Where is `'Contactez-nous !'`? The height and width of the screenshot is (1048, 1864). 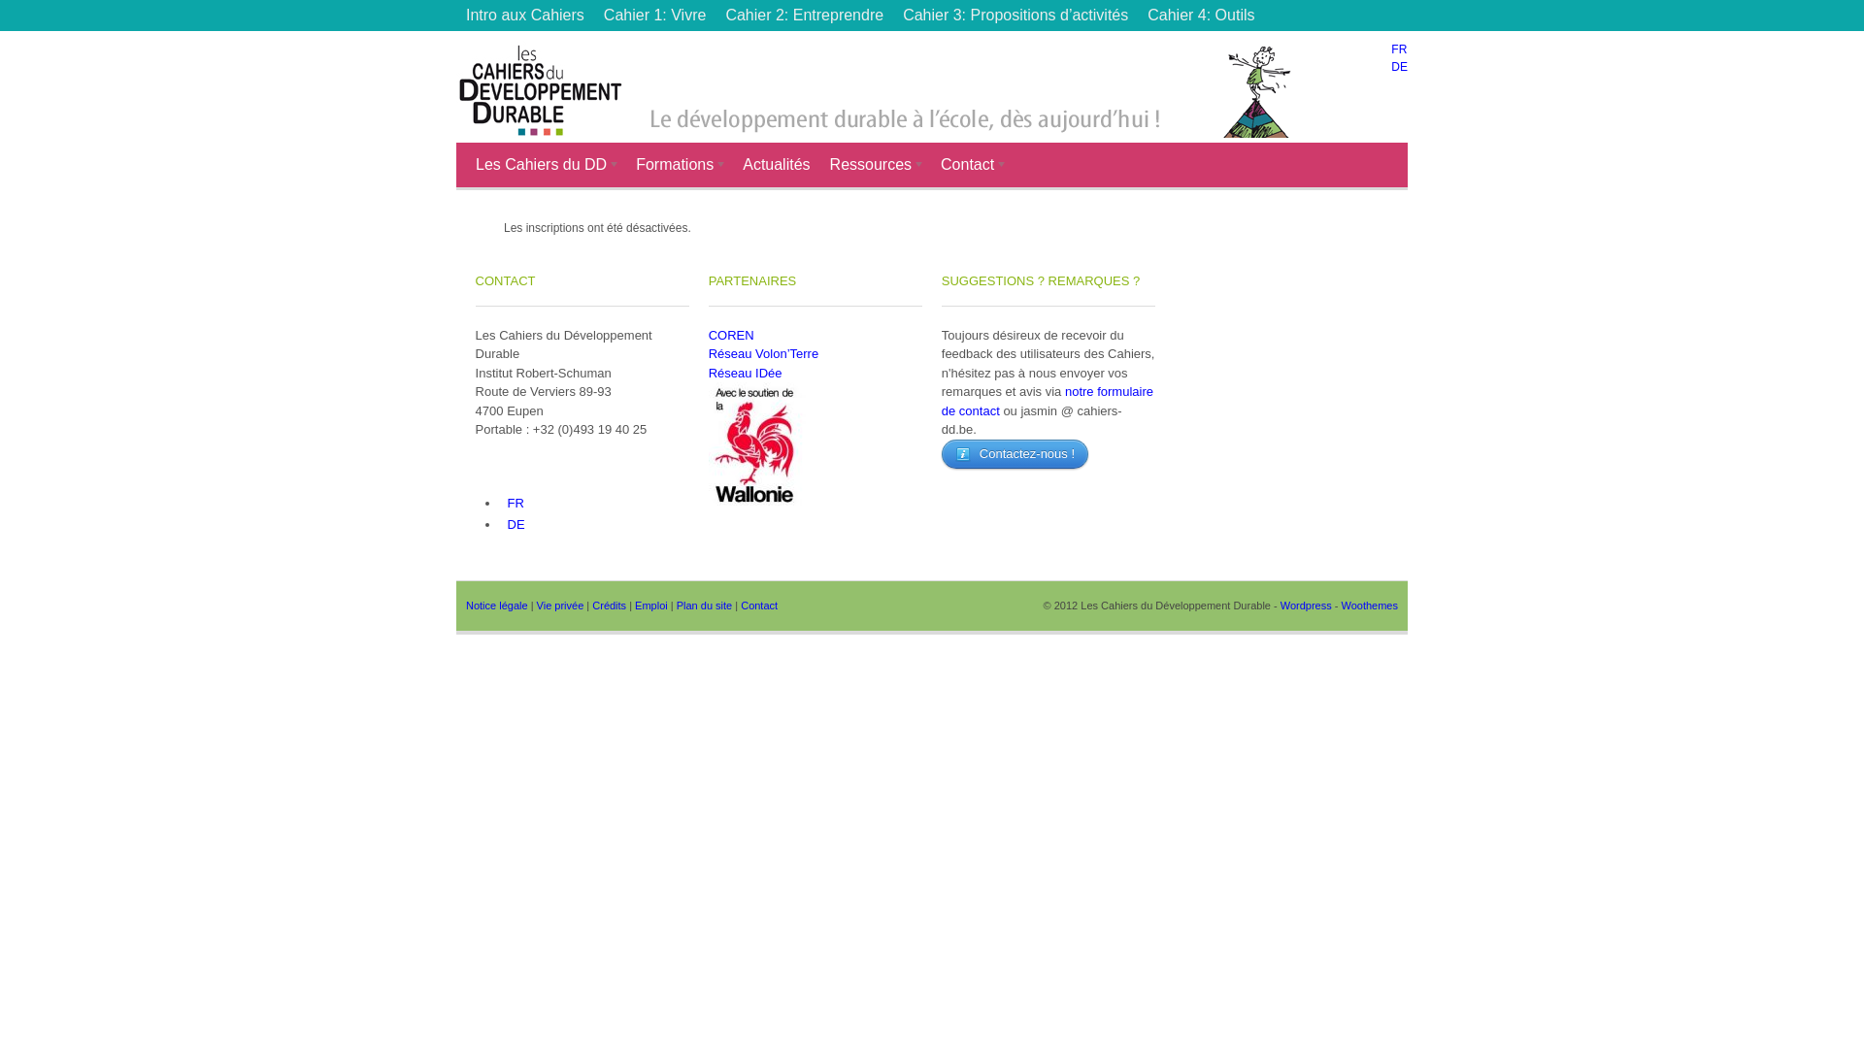 'Contactez-nous !' is located at coordinates (1014, 452).